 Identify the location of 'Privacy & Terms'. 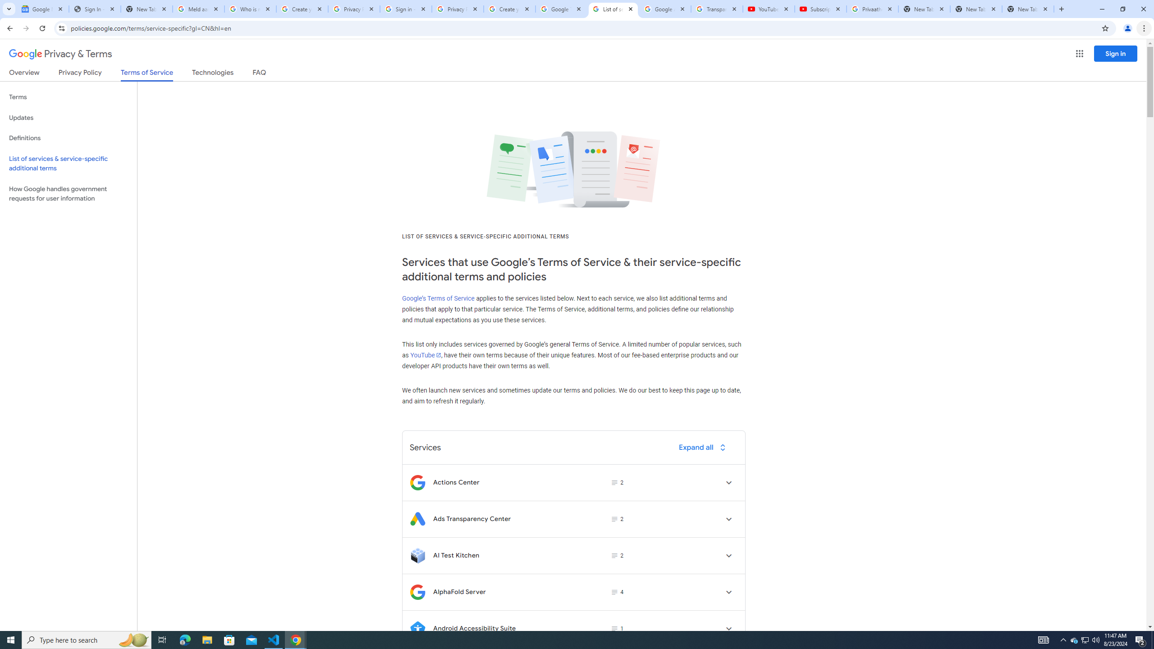
(60, 54).